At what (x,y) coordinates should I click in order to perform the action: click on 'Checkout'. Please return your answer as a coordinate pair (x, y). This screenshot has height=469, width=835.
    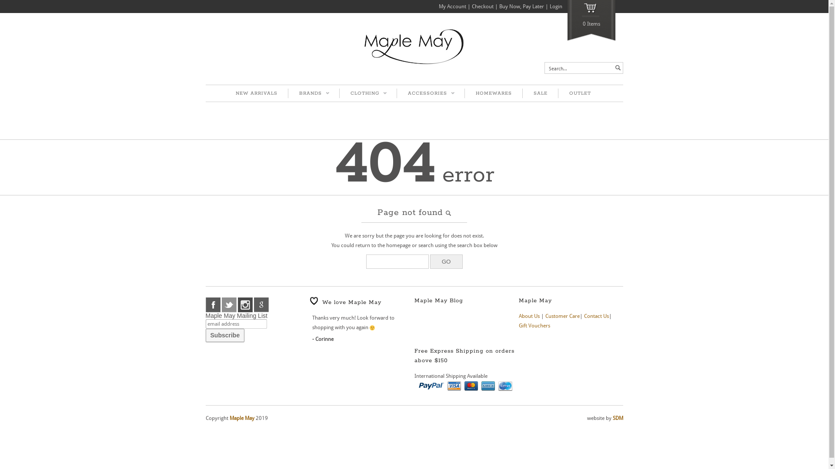
    Looking at the image, I should click on (481, 7).